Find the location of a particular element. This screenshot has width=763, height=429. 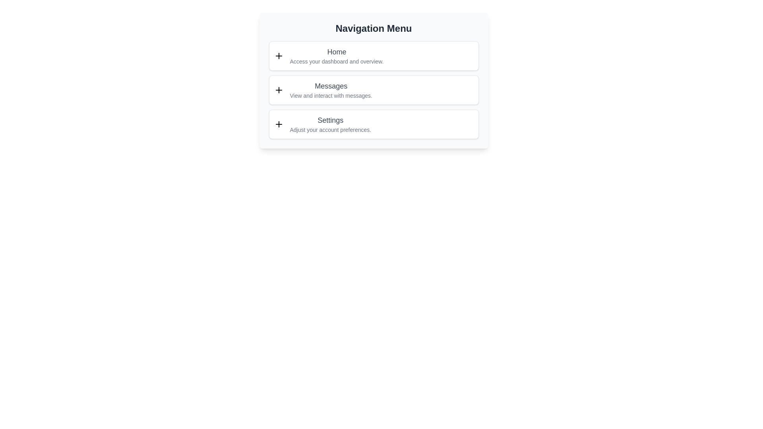

the navigation button labeled 'Home' which features a blue '+' icon and a white background is located at coordinates (373, 56).